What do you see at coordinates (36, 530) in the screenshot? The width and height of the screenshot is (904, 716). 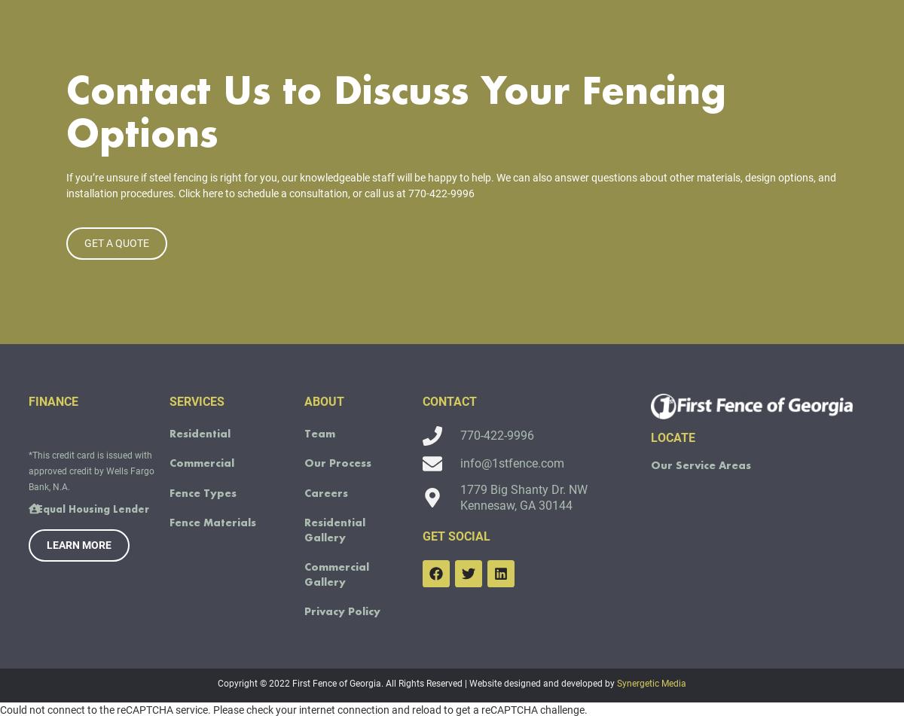 I see `'Equal Housing Lender'` at bounding box center [36, 530].